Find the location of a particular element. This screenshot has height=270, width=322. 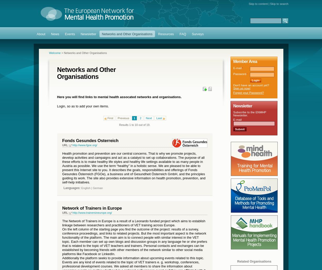

'Member Area' is located at coordinates (233, 61).